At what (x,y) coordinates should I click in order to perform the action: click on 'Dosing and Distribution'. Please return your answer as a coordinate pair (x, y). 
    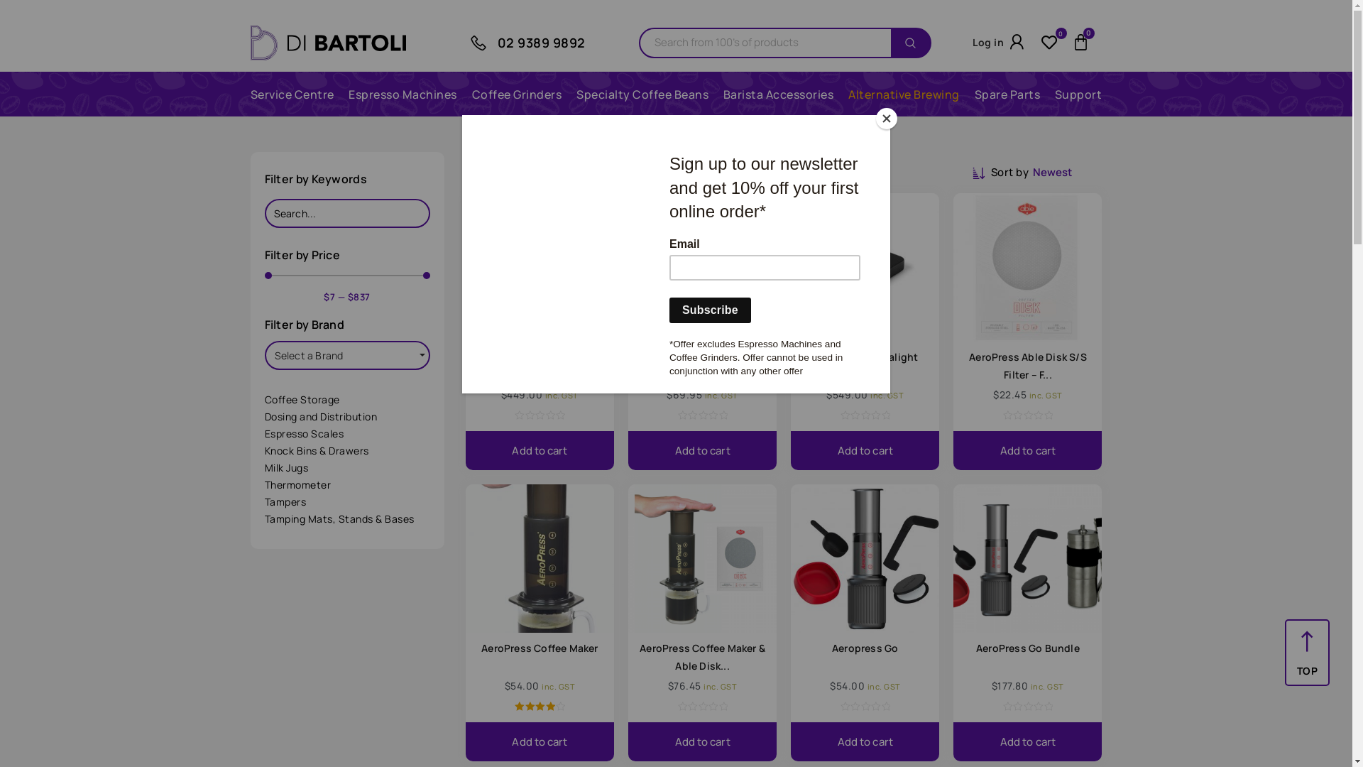
    Looking at the image, I should click on (346, 415).